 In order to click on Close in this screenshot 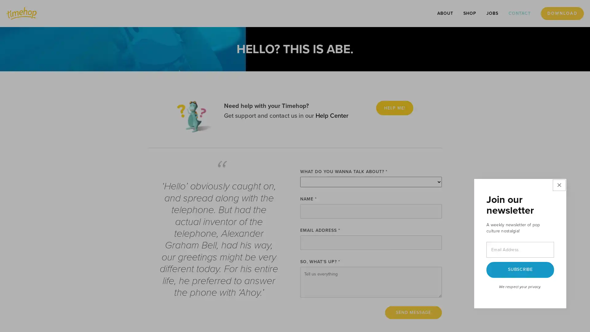, I will do `click(559, 184)`.